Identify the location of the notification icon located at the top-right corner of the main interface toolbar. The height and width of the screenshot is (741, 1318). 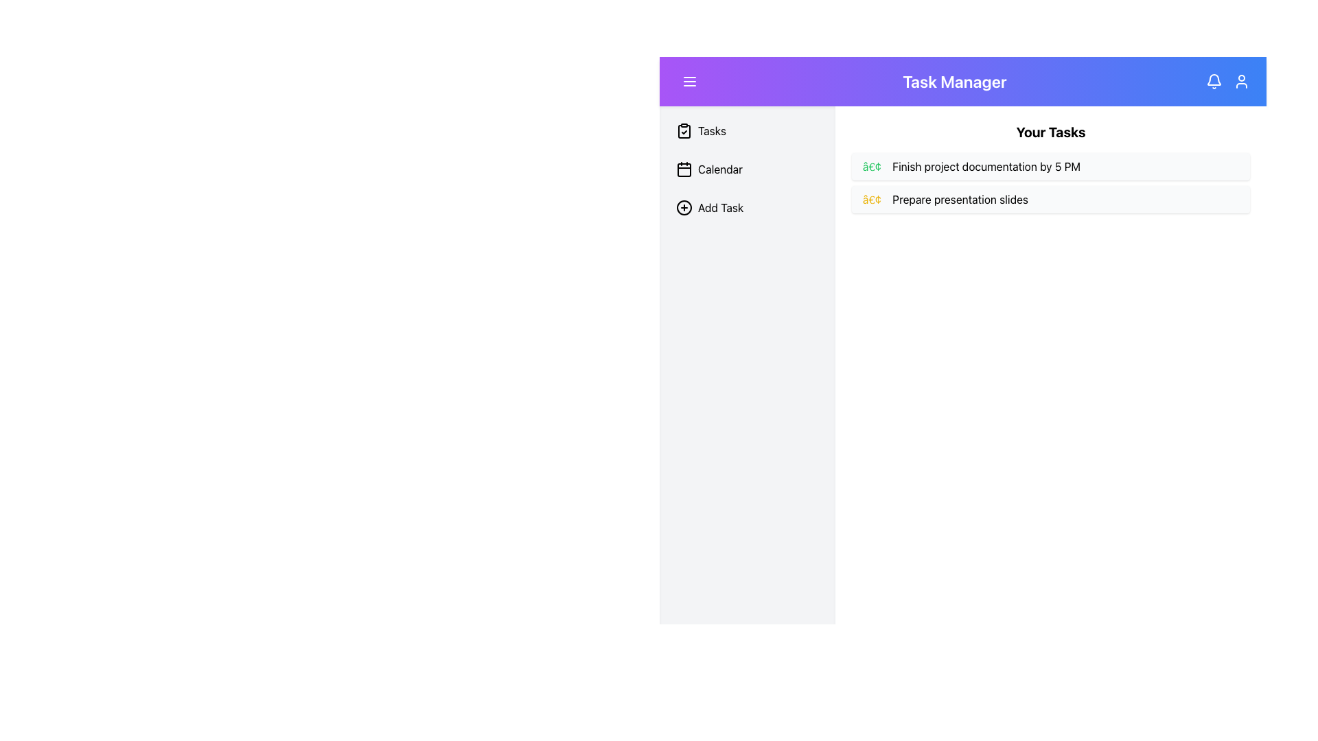
(1214, 80).